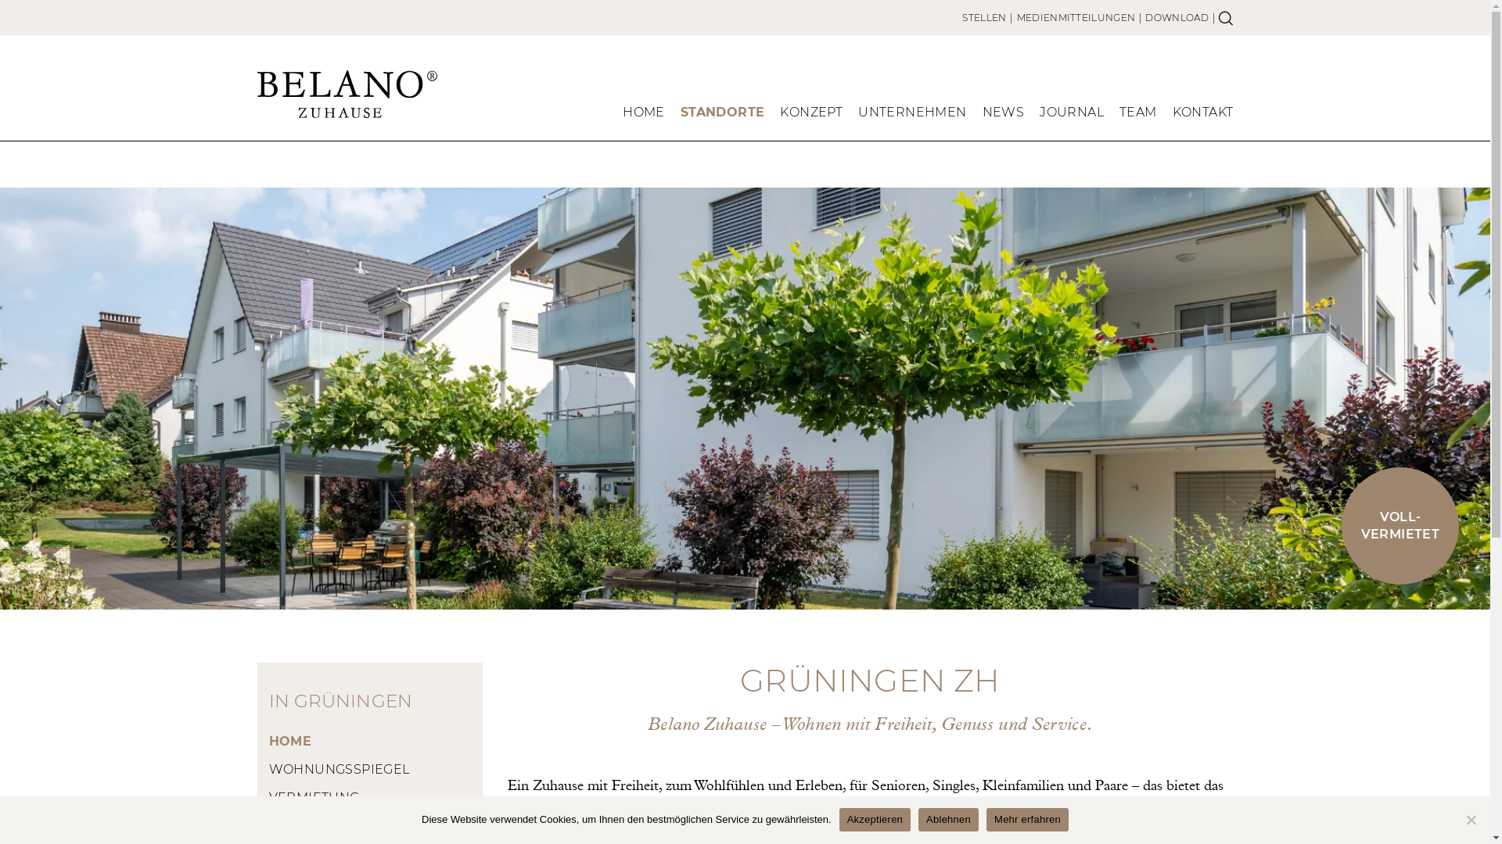  Describe the element at coordinates (961, 17) in the screenshot. I see `'STELLEN'` at that location.